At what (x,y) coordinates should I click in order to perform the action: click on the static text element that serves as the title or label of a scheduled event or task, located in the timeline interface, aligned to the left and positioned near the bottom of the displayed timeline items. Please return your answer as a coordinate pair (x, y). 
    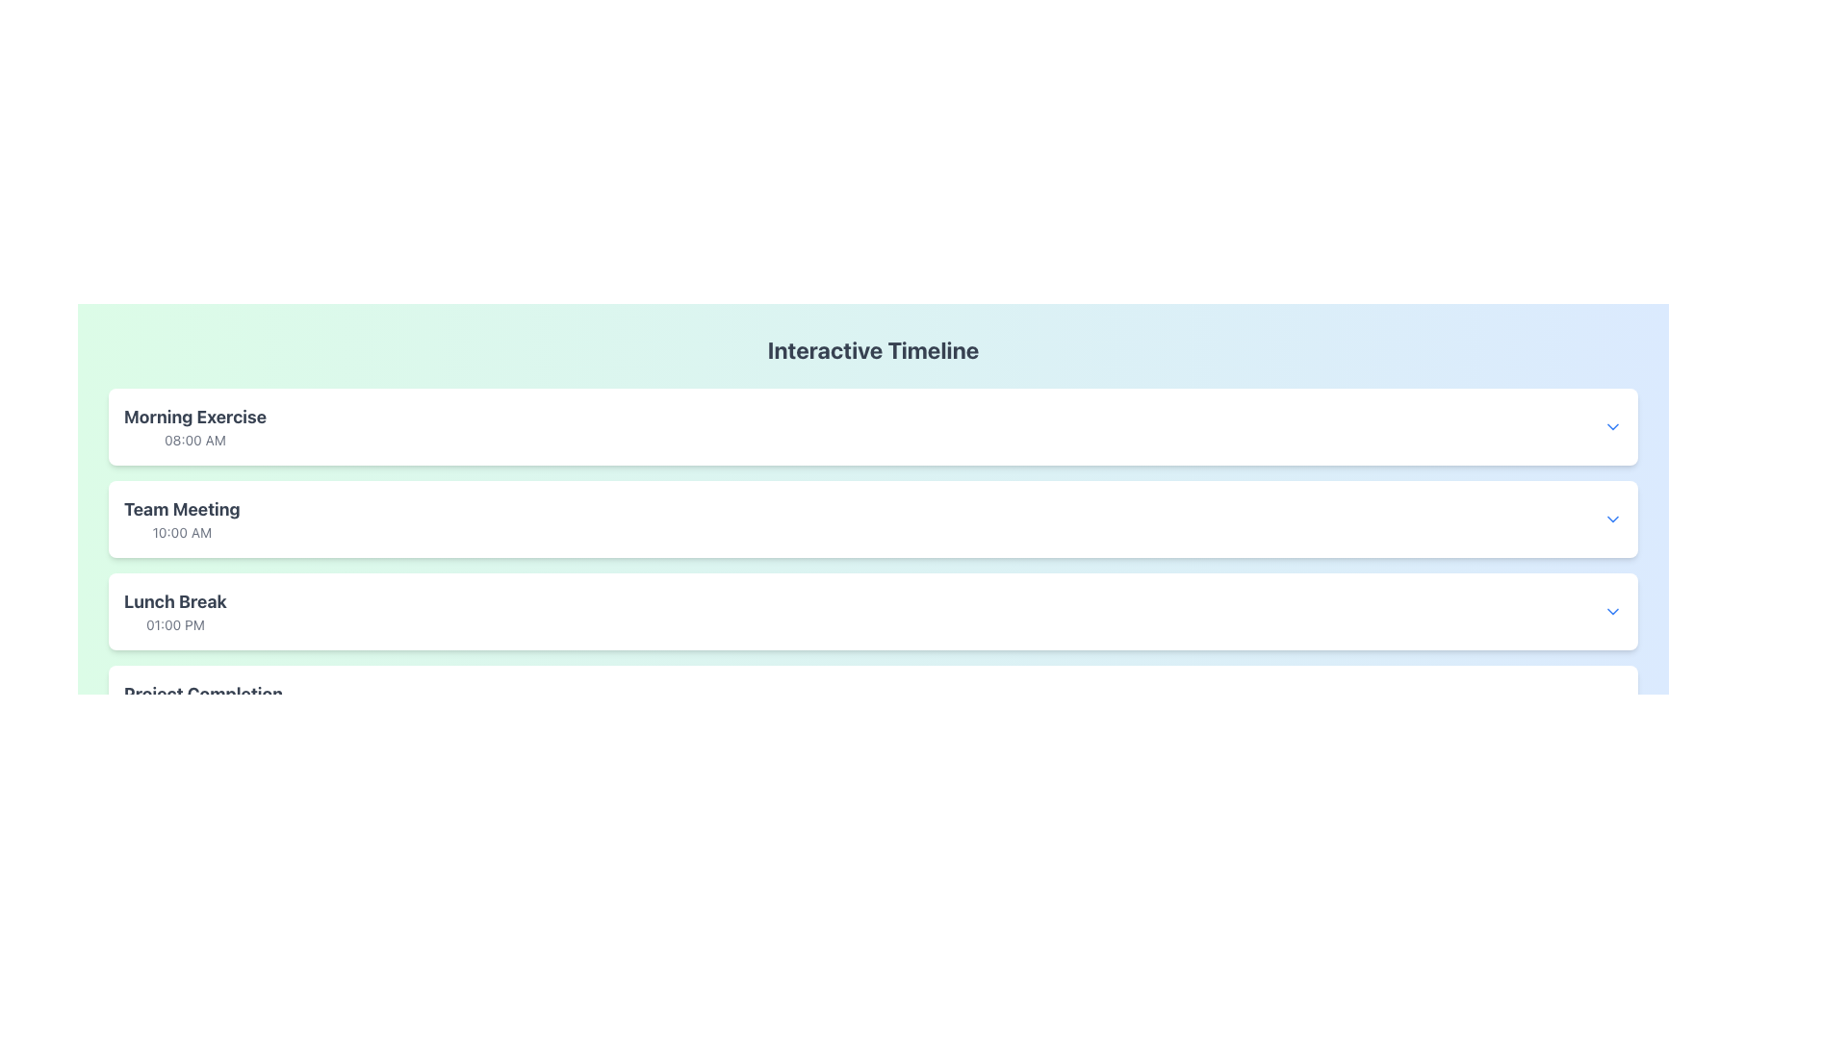
    Looking at the image, I should click on (203, 694).